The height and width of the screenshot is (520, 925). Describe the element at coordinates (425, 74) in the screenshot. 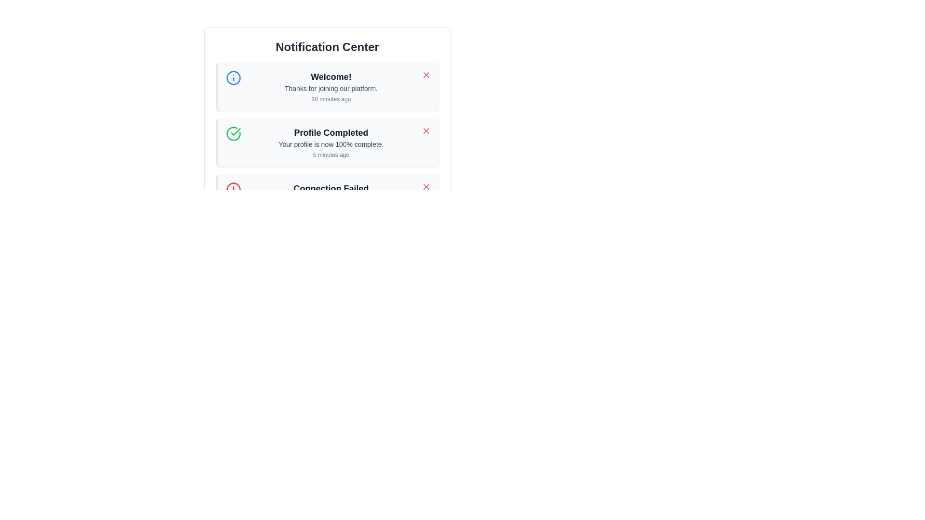

I see `the dismiss Icon Button located to the far right of the notification message that says 'Welcome! Thanks for joining our platform. 10 minutes ago'` at that location.